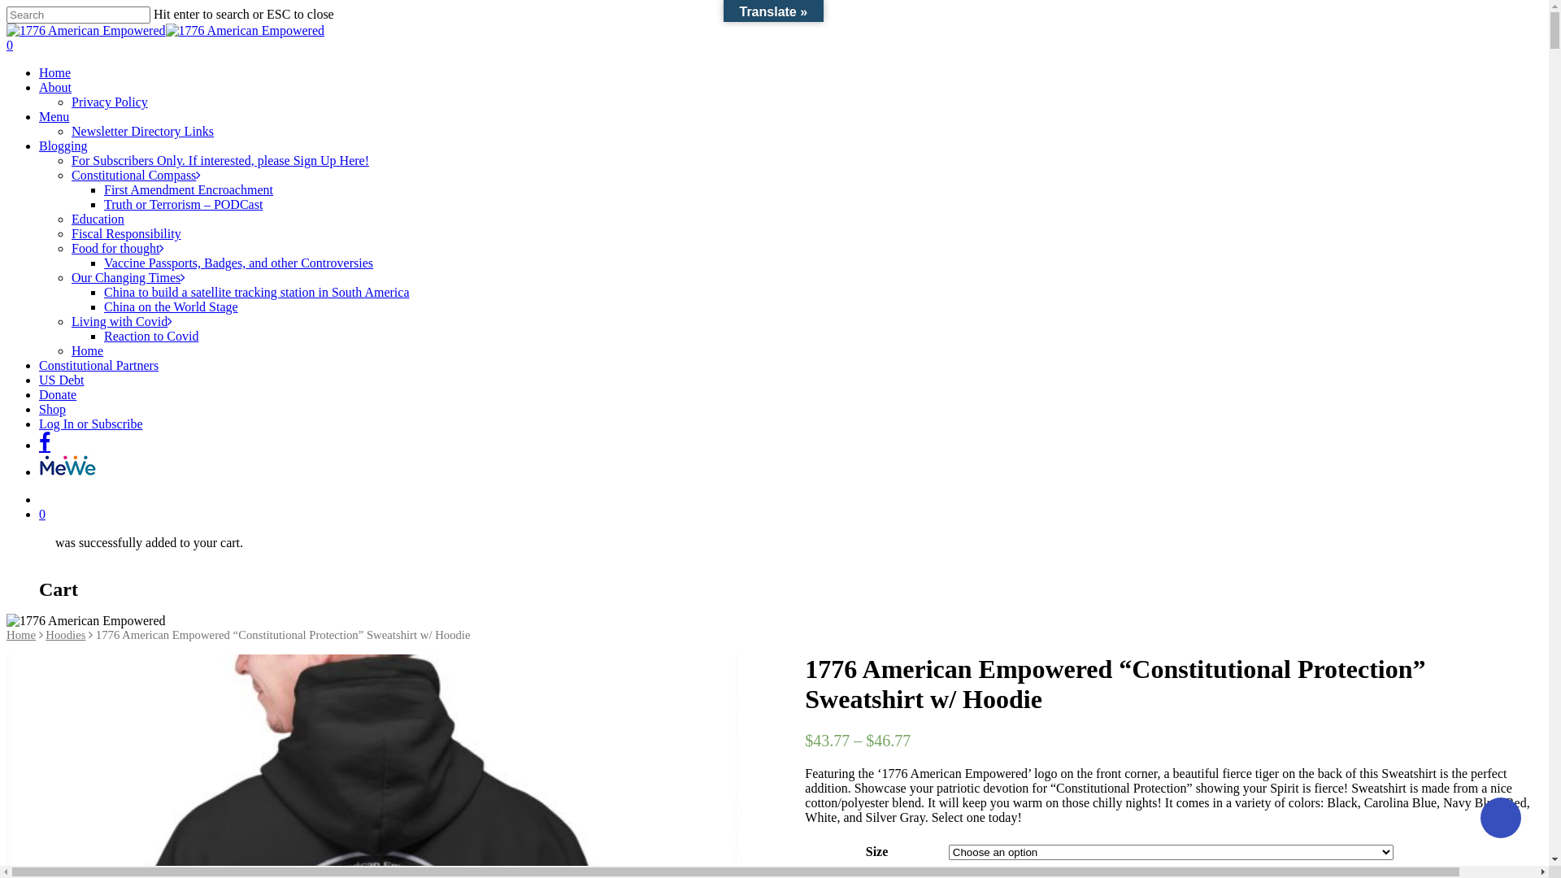 This screenshot has width=1561, height=878. Describe the element at coordinates (108, 102) in the screenshot. I see `'Privacy Policy'` at that location.